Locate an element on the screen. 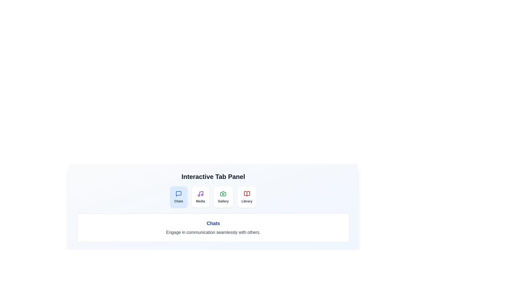  the tab Gallery is located at coordinates (223, 197).